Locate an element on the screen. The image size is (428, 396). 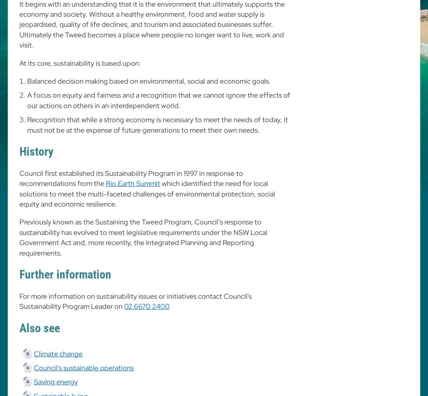
'Balanced decision making based on environmental, social and economic goals.' is located at coordinates (149, 81).